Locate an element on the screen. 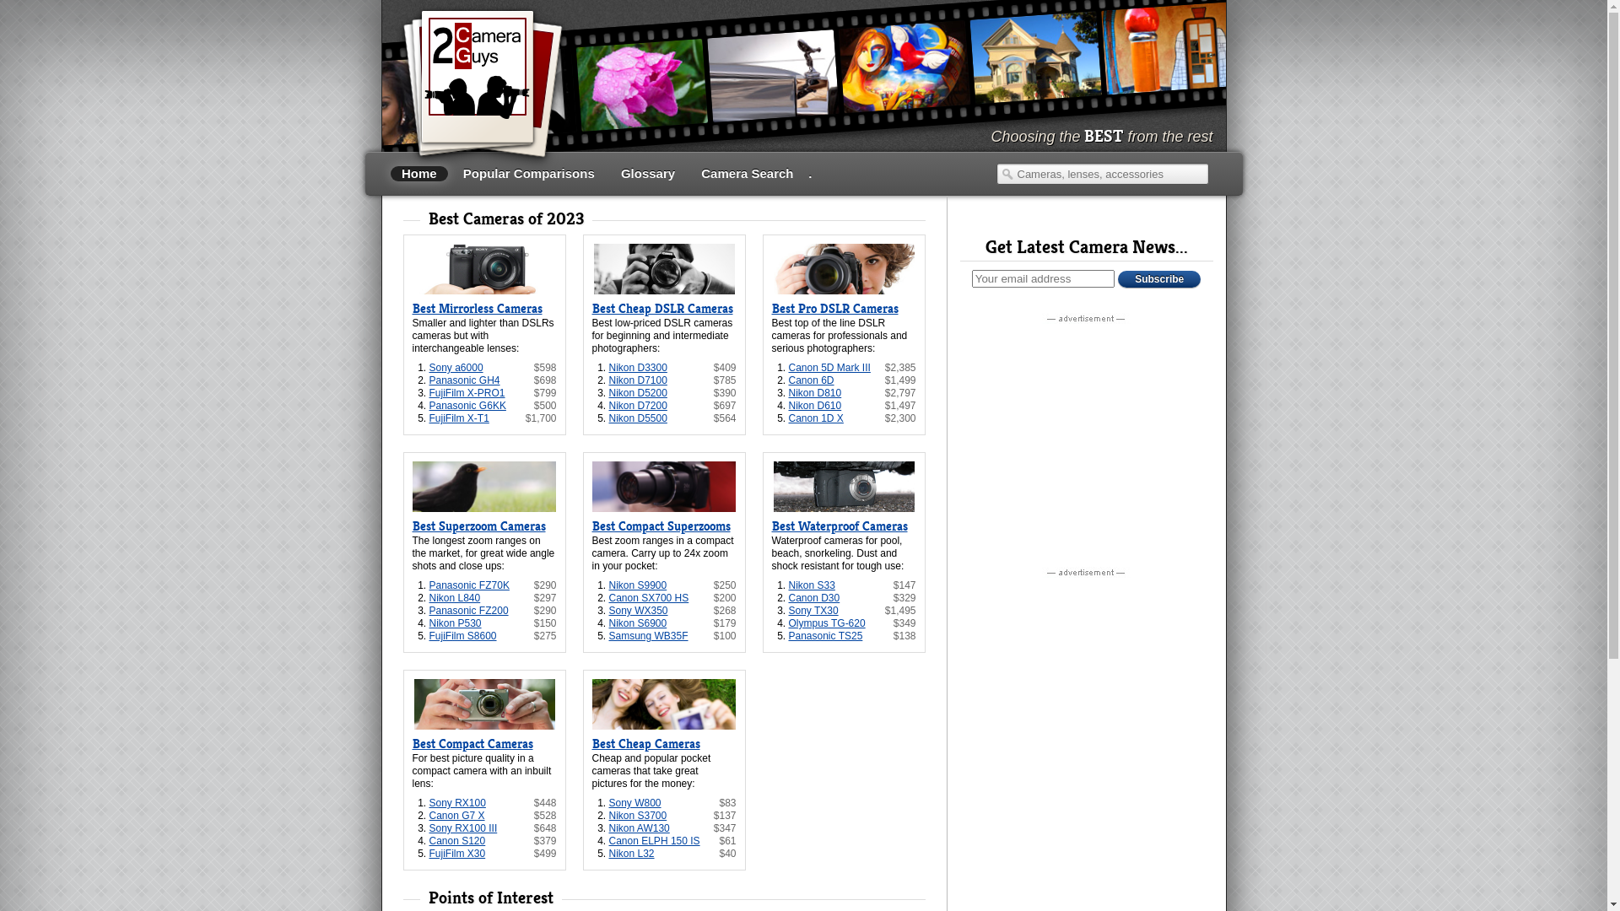  'Best Superzoom Cameras 2023' is located at coordinates (483, 487).